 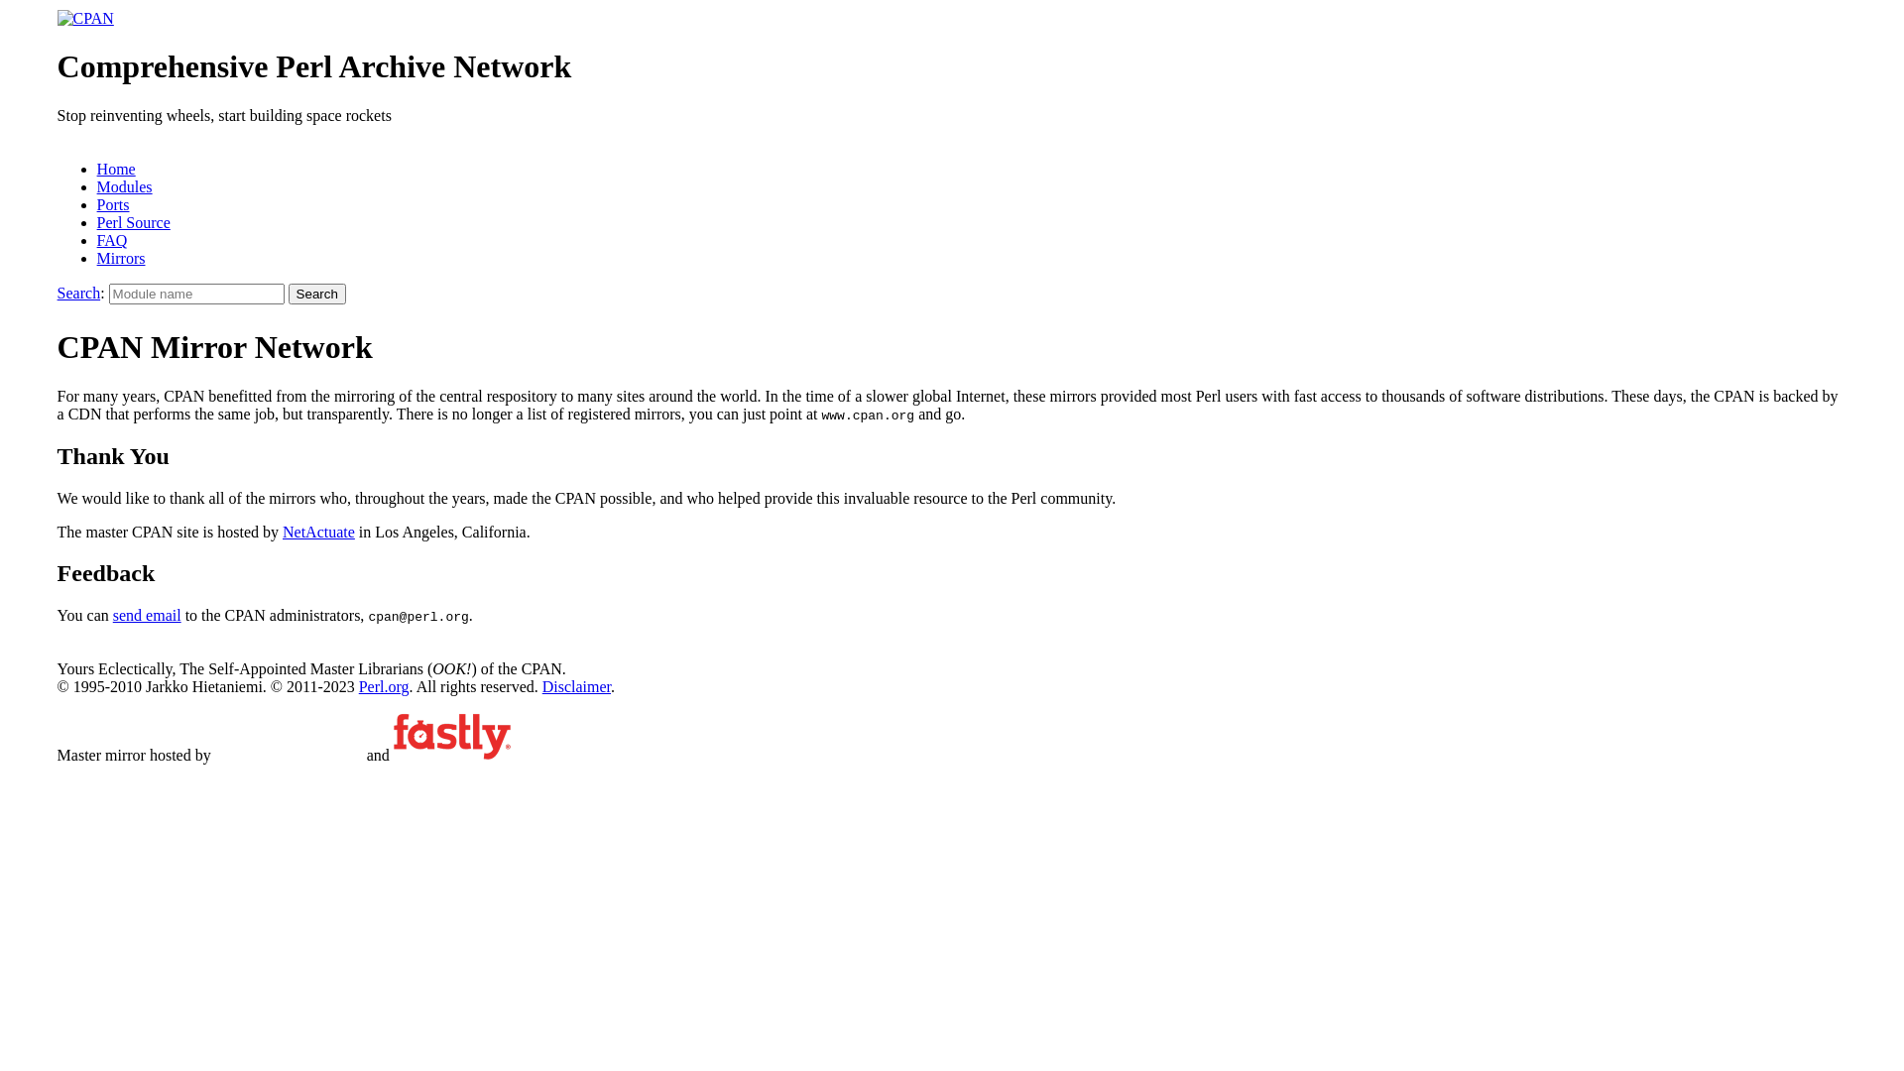 What do you see at coordinates (575, 685) in the screenshot?
I see `'Disclaimer'` at bounding box center [575, 685].